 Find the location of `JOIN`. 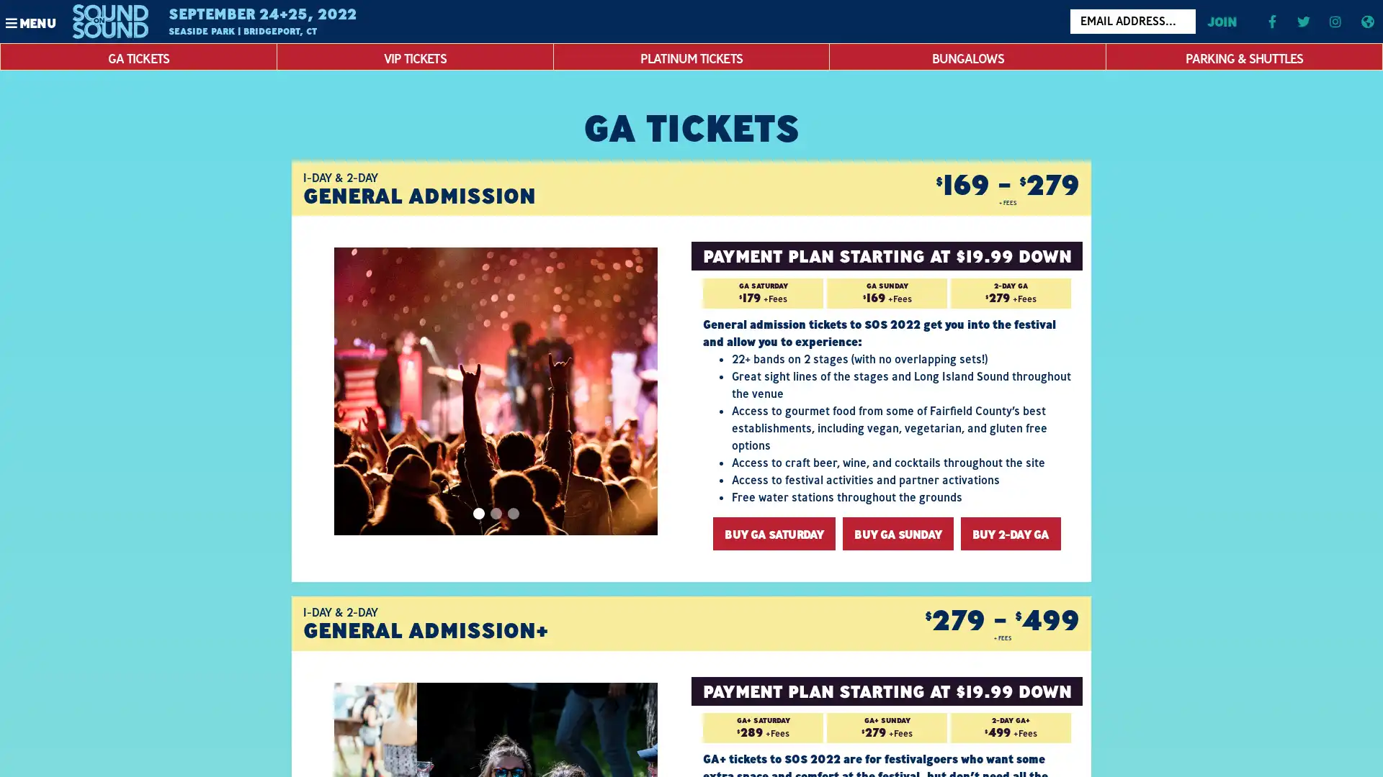

JOIN is located at coordinates (1220, 21).